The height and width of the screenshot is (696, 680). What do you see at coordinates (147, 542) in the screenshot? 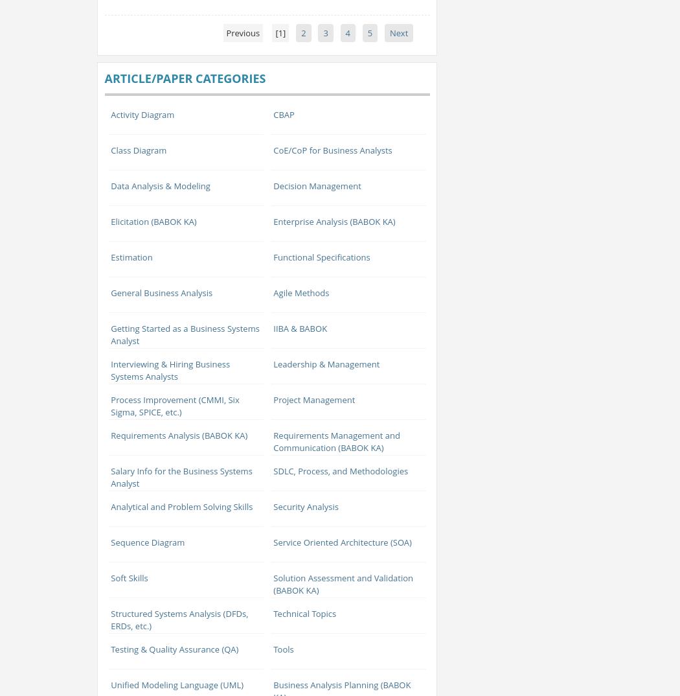
I see `'Sequence Diagram'` at bounding box center [147, 542].